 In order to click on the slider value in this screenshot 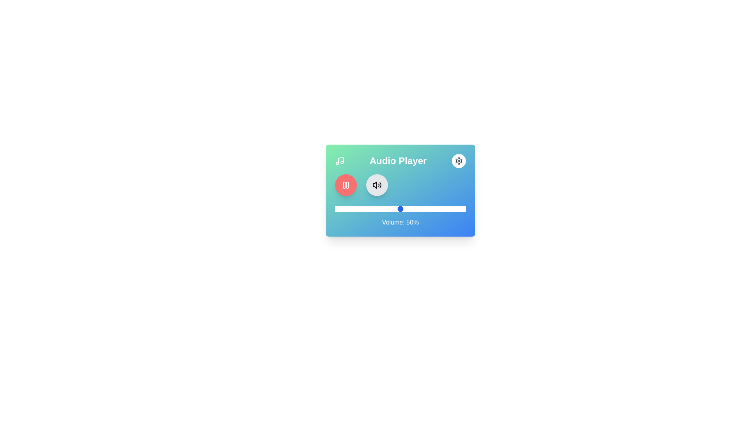, I will do `click(430, 209)`.